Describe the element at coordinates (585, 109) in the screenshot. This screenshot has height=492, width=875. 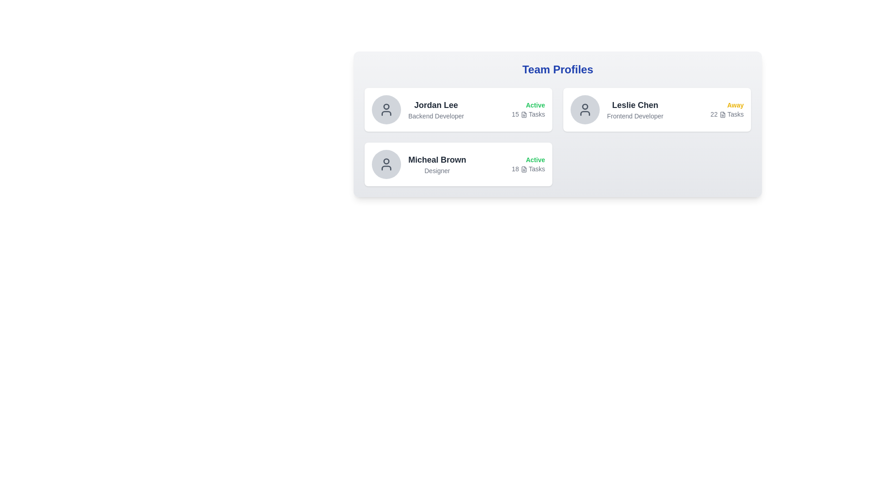
I see `the profile picture icon placeholder for Leslie Chen, located in the Team Profiles section` at that location.